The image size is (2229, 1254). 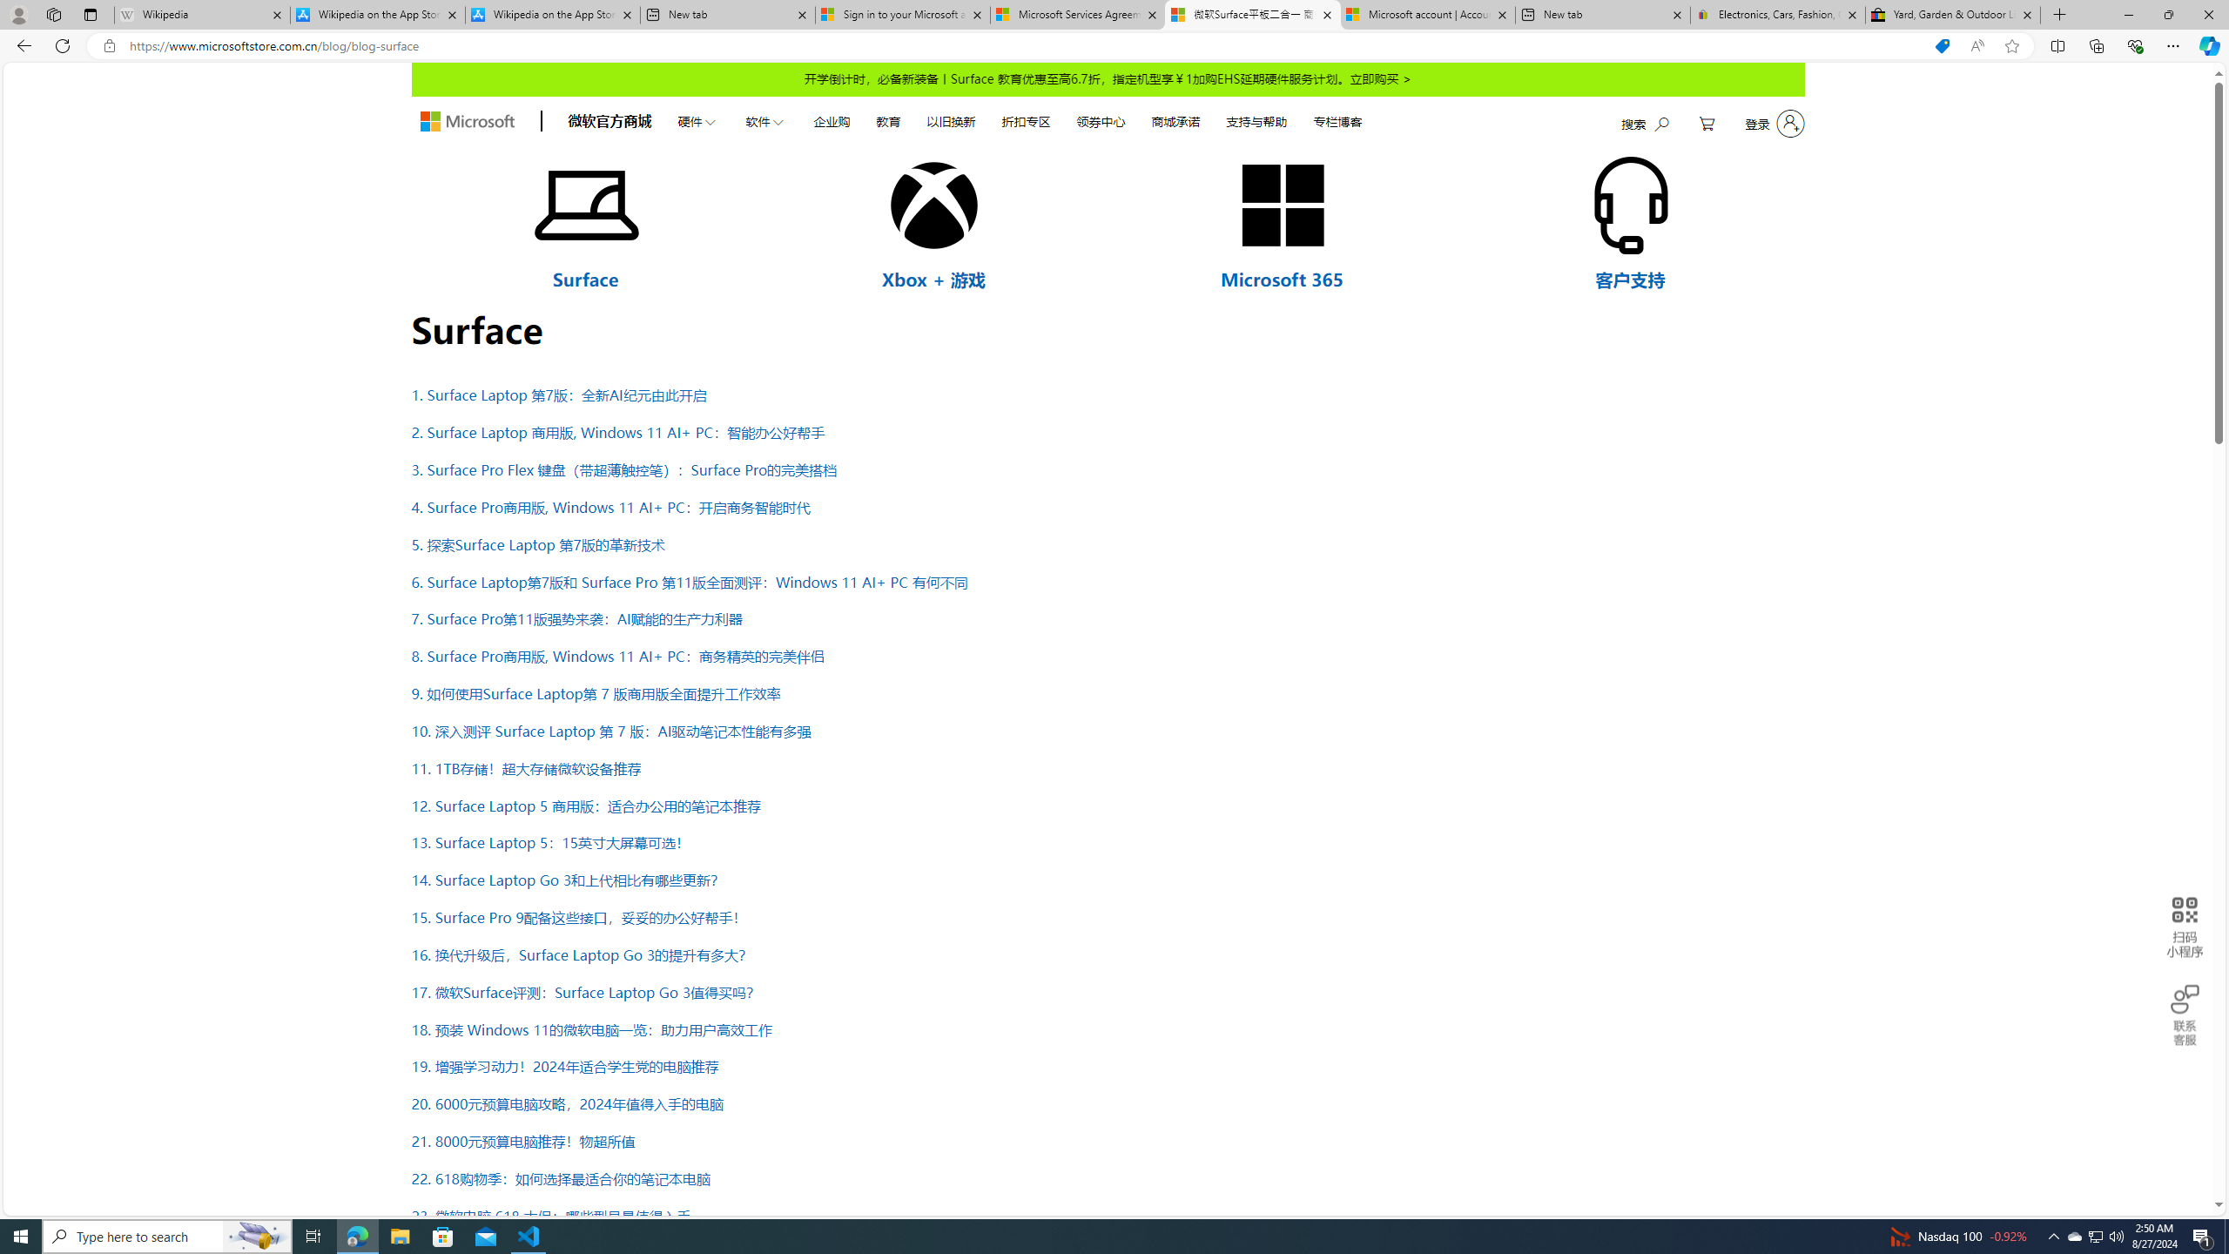 What do you see at coordinates (61, 44) in the screenshot?
I see `'Refresh'` at bounding box center [61, 44].